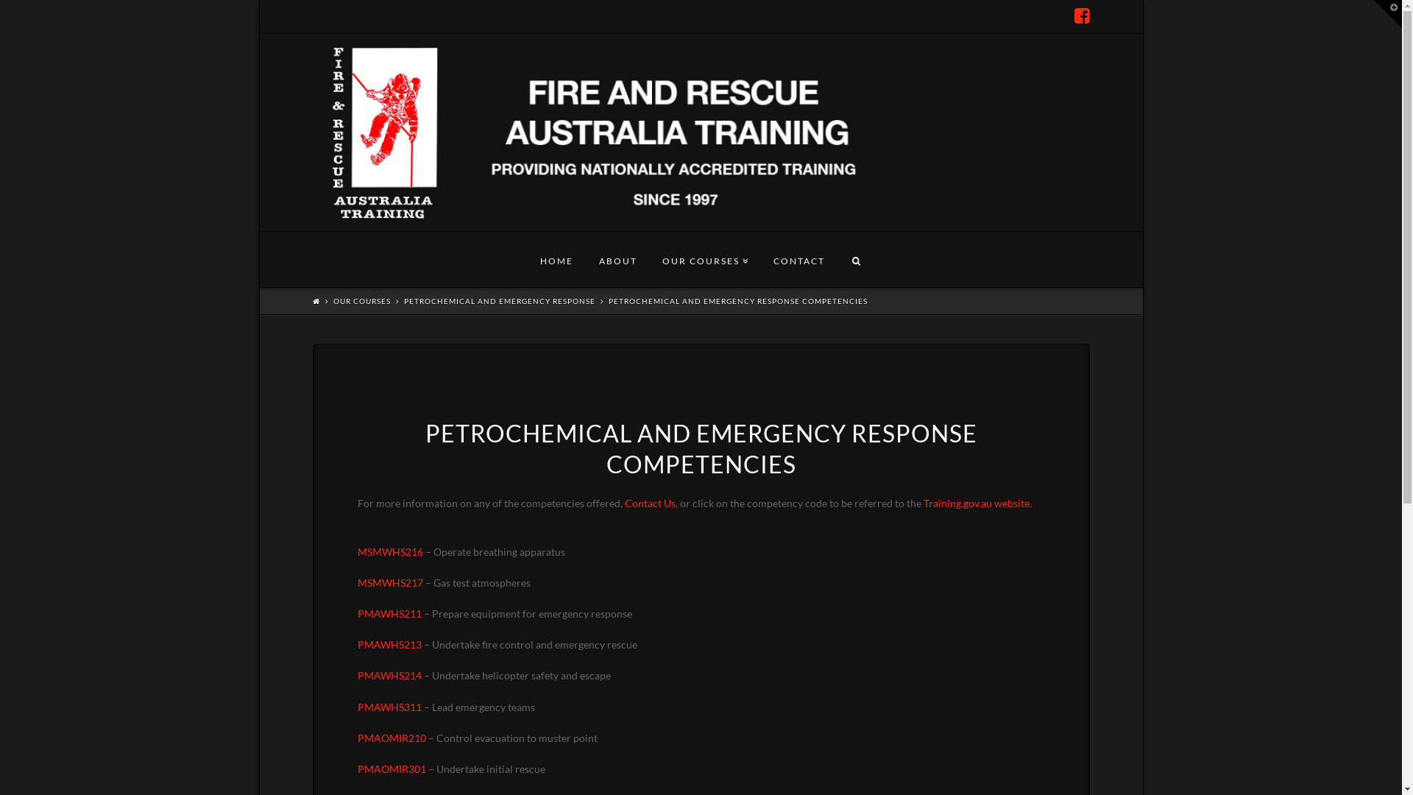  Describe the element at coordinates (389, 675) in the screenshot. I see `'PMAWHS214'` at that location.